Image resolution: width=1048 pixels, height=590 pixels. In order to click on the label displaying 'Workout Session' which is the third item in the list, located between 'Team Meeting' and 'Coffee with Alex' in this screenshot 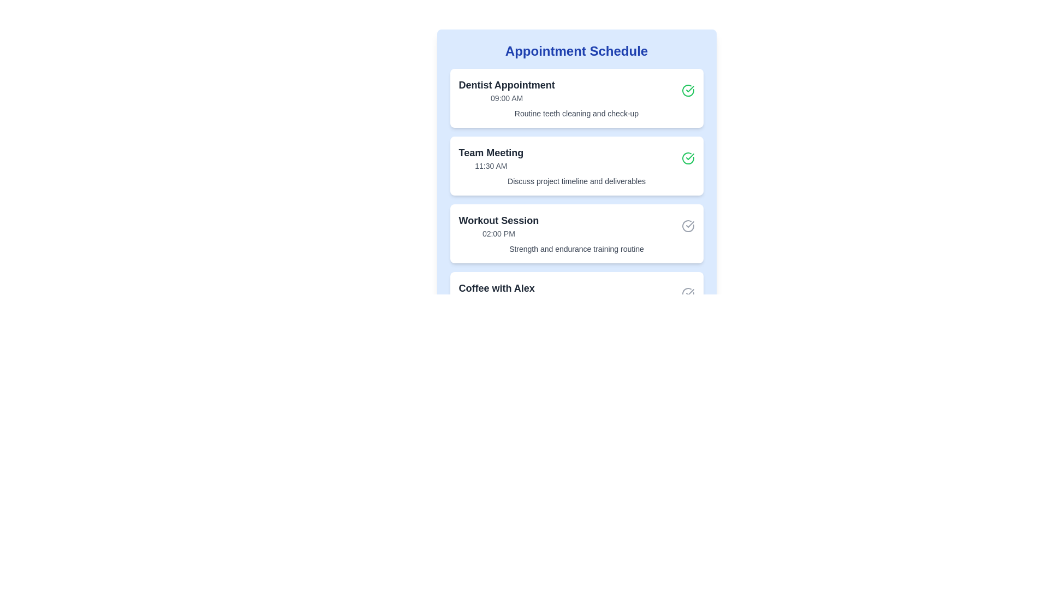, I will do `click(498, 225)`.